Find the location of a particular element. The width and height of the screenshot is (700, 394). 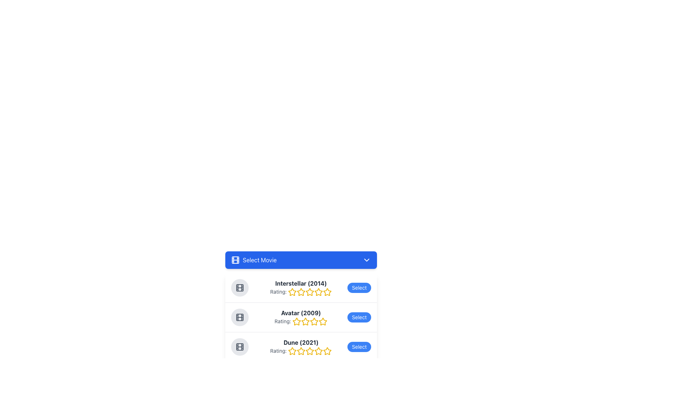

the second star icon for rating the 'Dune (2021)' movie, located under the 'Rating' label is located at coordinates (301, 351).